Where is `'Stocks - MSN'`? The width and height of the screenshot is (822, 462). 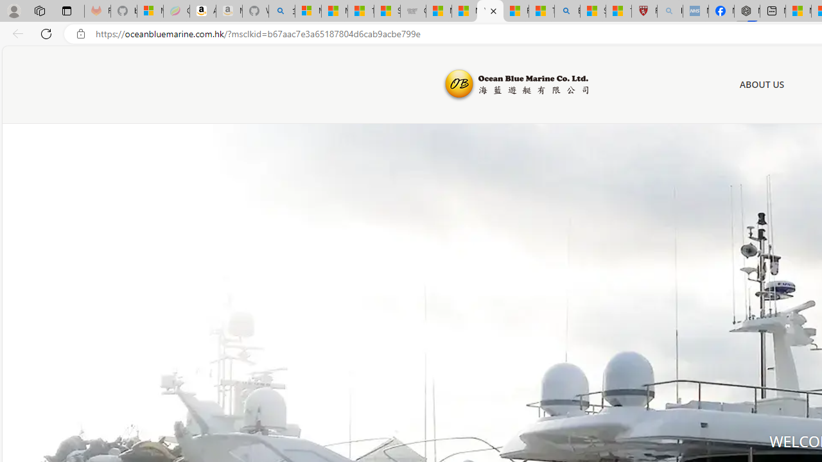
'Stocks - MSN' is located at coordinates (386, 11).